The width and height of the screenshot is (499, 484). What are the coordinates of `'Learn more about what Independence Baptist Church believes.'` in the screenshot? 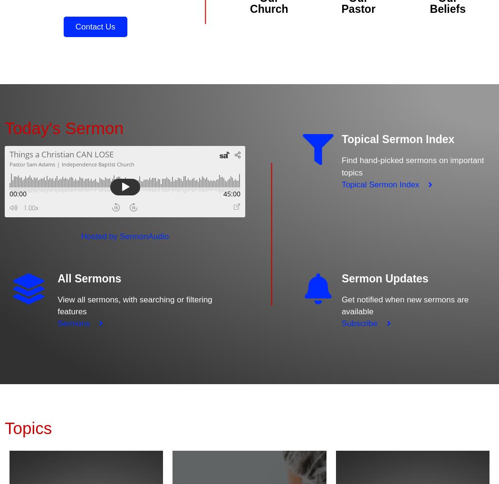 It's located at (447, 95).